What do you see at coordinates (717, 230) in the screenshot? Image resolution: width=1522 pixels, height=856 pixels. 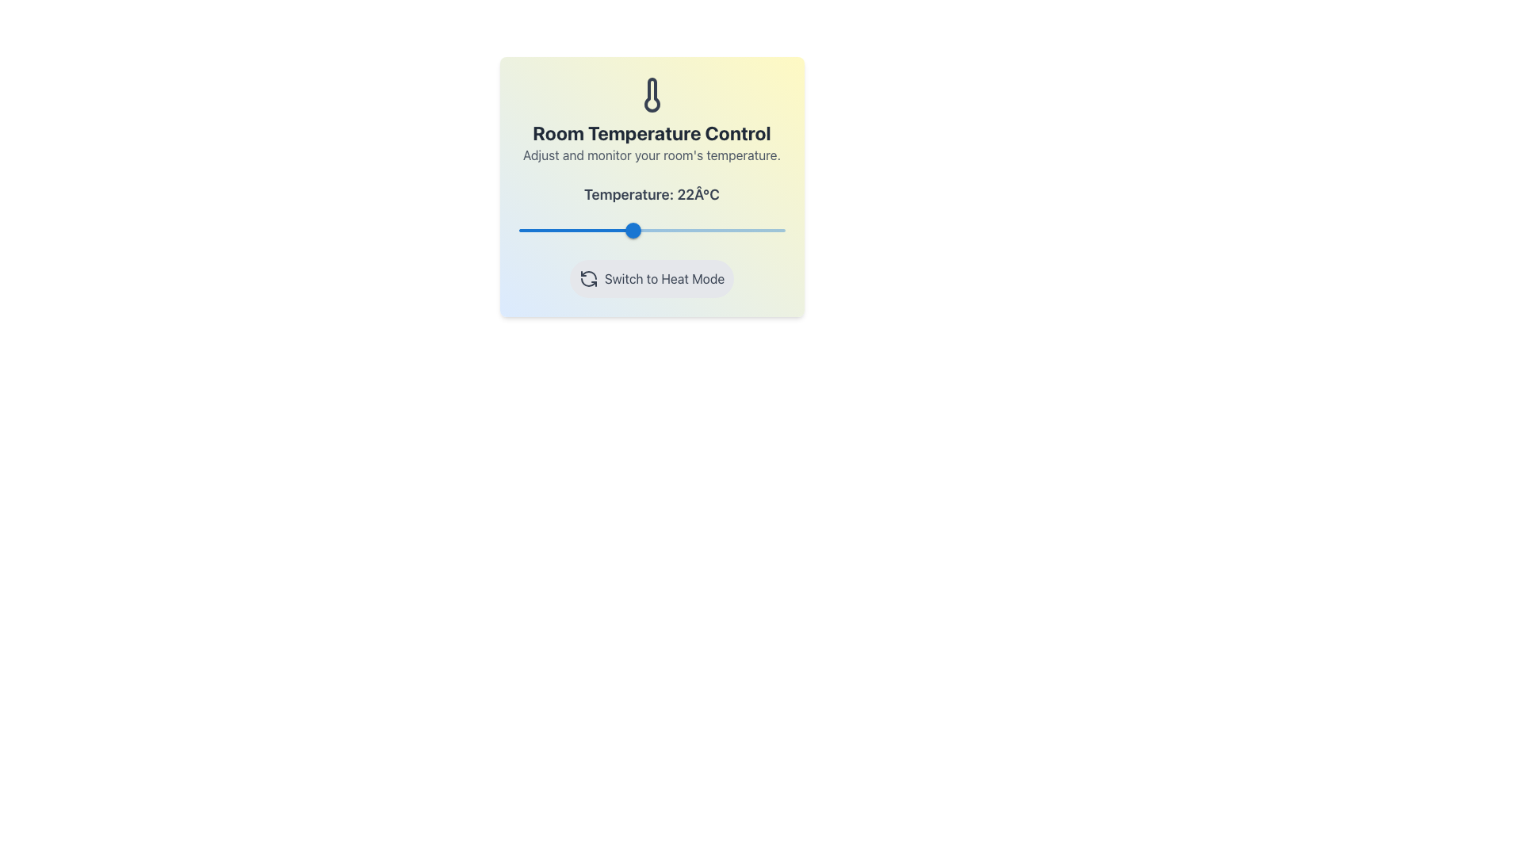 I see `the temperature` at bounding box center [717, 230].